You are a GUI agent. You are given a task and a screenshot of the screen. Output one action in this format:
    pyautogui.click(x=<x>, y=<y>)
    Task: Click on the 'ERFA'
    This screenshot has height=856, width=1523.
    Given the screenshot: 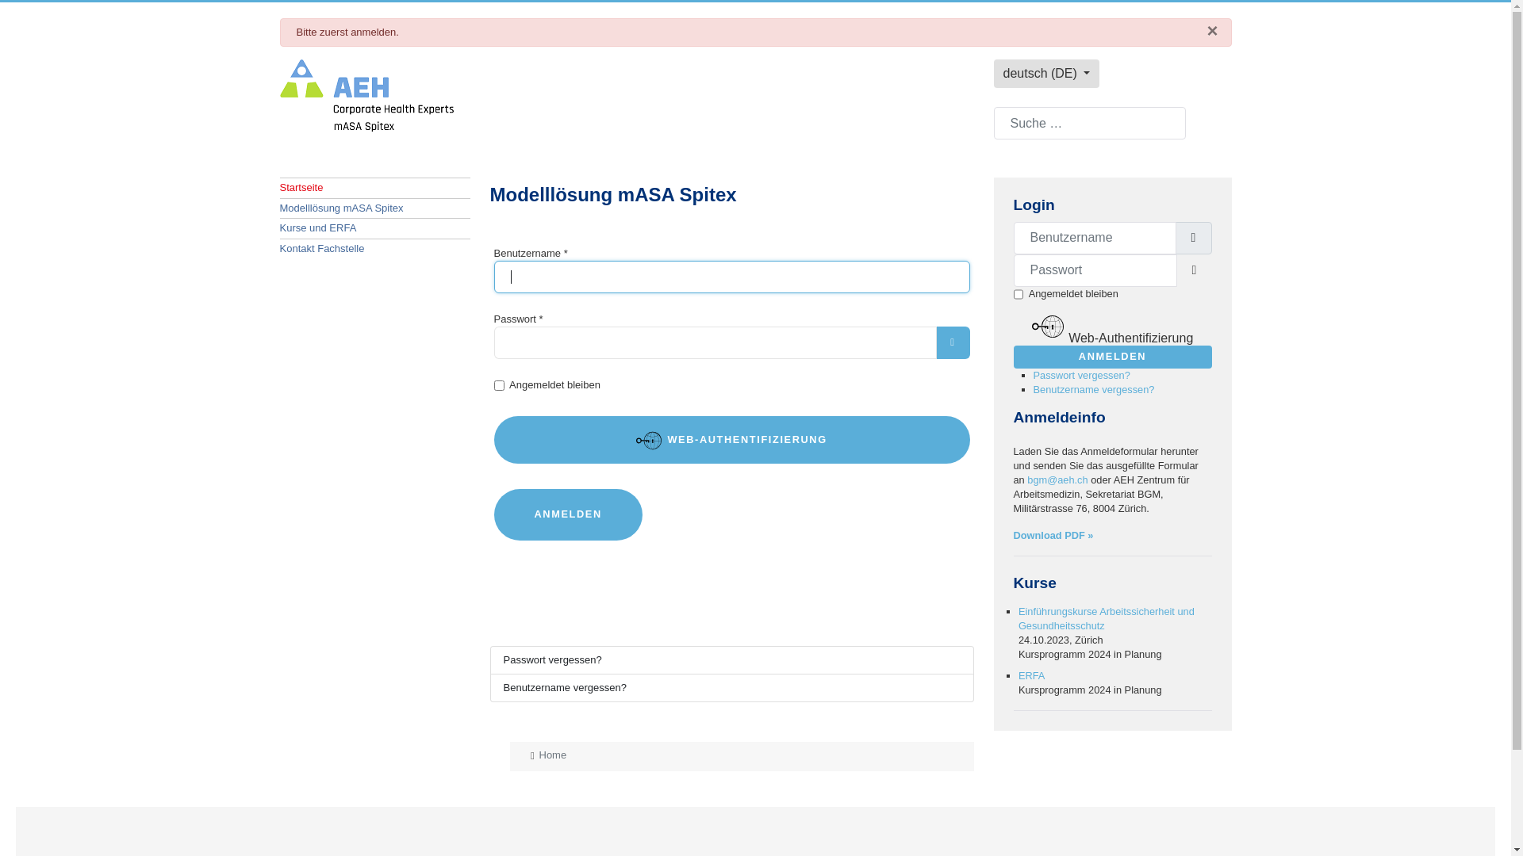 What is the action you would take?
    pyautogui.click(x=1031, y=675)
    